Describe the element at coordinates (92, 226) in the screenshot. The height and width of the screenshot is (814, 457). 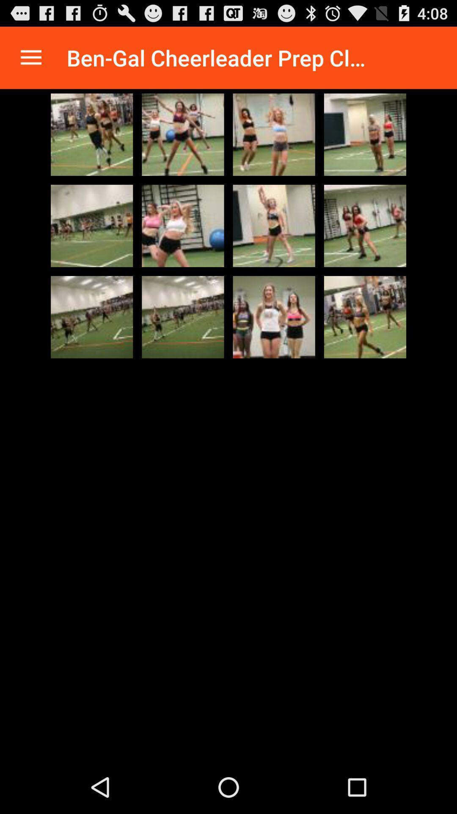
I see `photo` at that location.